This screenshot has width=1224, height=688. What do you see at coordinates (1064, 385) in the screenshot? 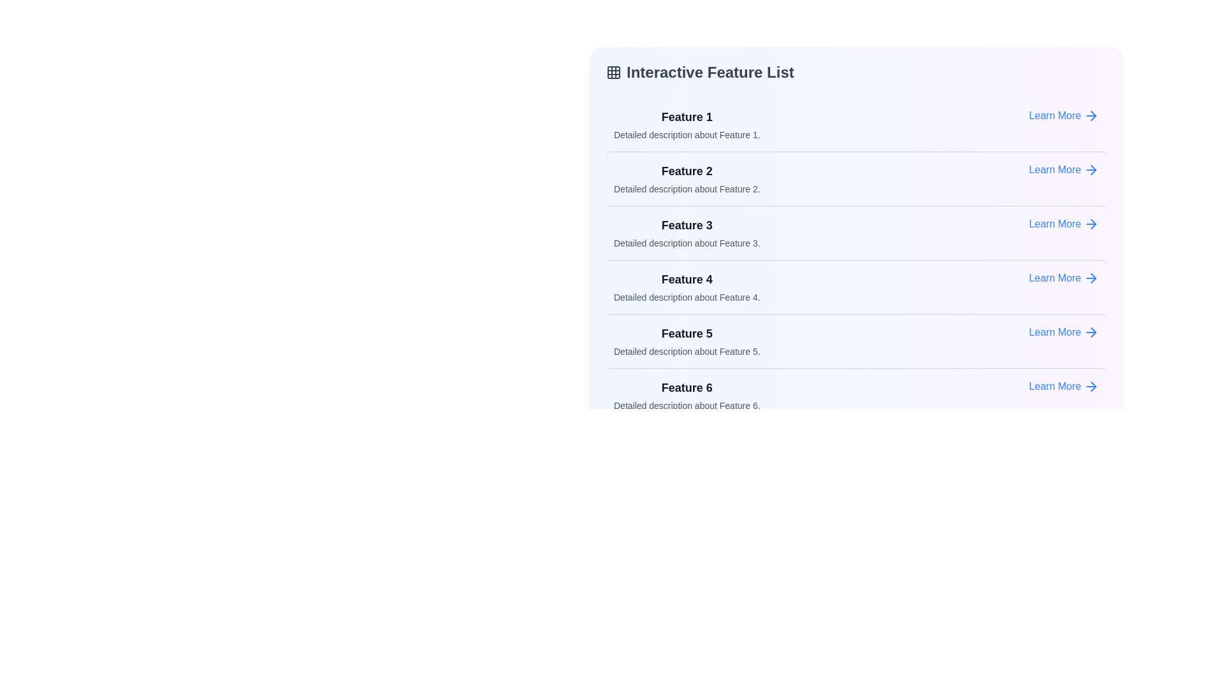
I see `the 'Learn More' button for feature 6` at bounding box center [1064, 385].